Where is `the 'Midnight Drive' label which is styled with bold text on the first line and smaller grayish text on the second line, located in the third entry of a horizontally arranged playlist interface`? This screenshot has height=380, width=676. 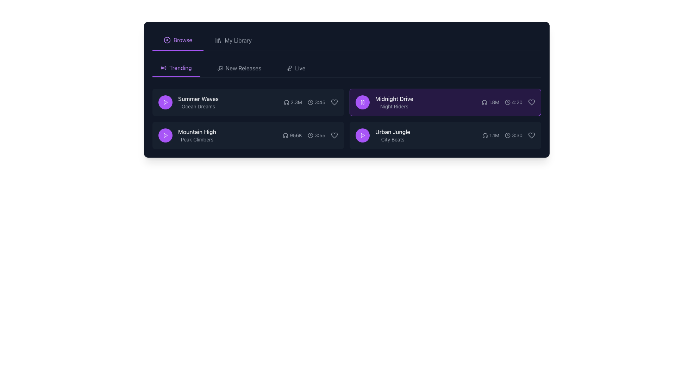
the 'Midnight Drive' label which is styled with bold text on the first line and smaller grayish text on the second line, located in the third entry of a horizontally arranged playlist interface is located at coordinates (394, 102).